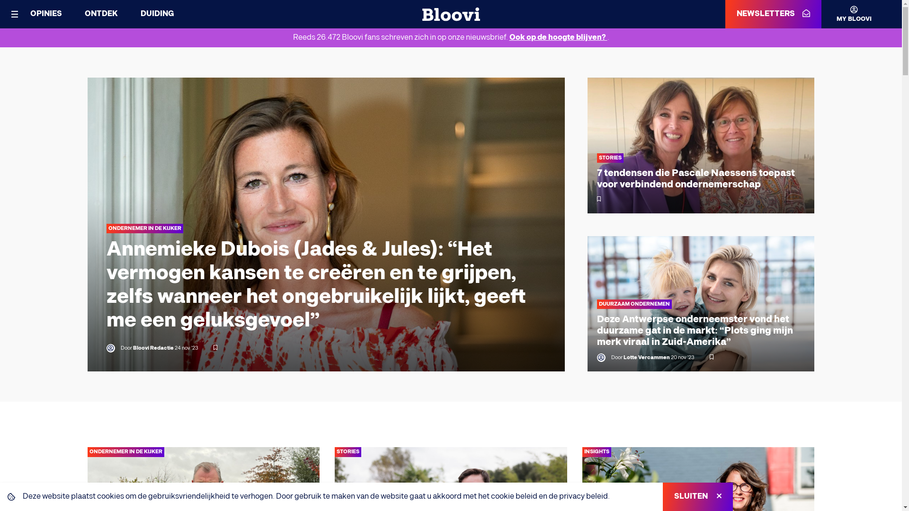 Image resolution: width=909 pixels, height=511 pixels. Describe the element at coordinates (596, 158) in the screenshot. I see `'STORIES'` at that location.